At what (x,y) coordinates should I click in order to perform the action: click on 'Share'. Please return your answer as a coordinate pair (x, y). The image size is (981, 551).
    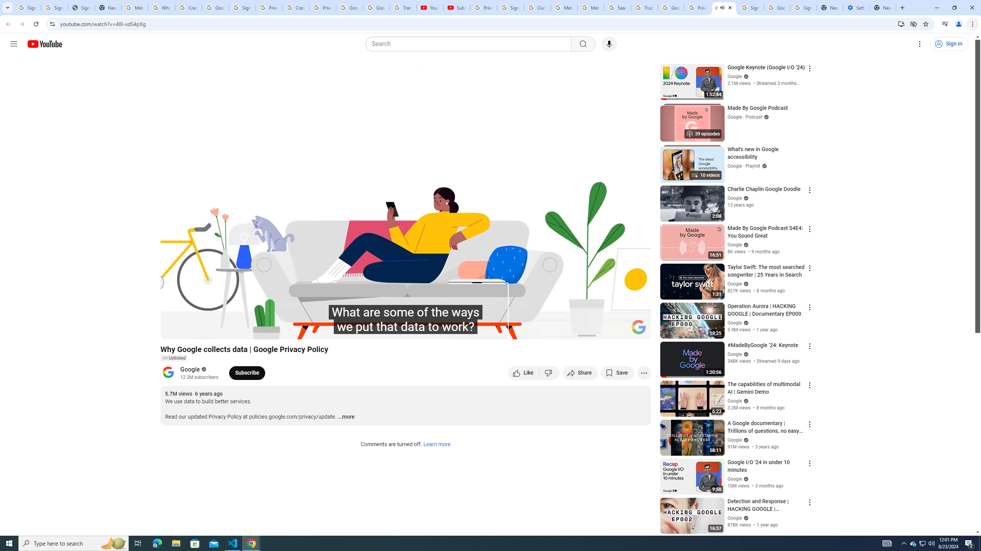
    Looking at the image, I should click on (580, 372).